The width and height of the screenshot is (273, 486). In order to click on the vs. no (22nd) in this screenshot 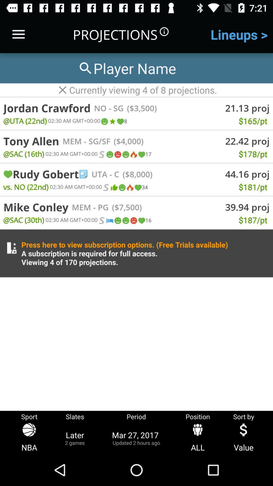, I will do `click(26, 187)`.